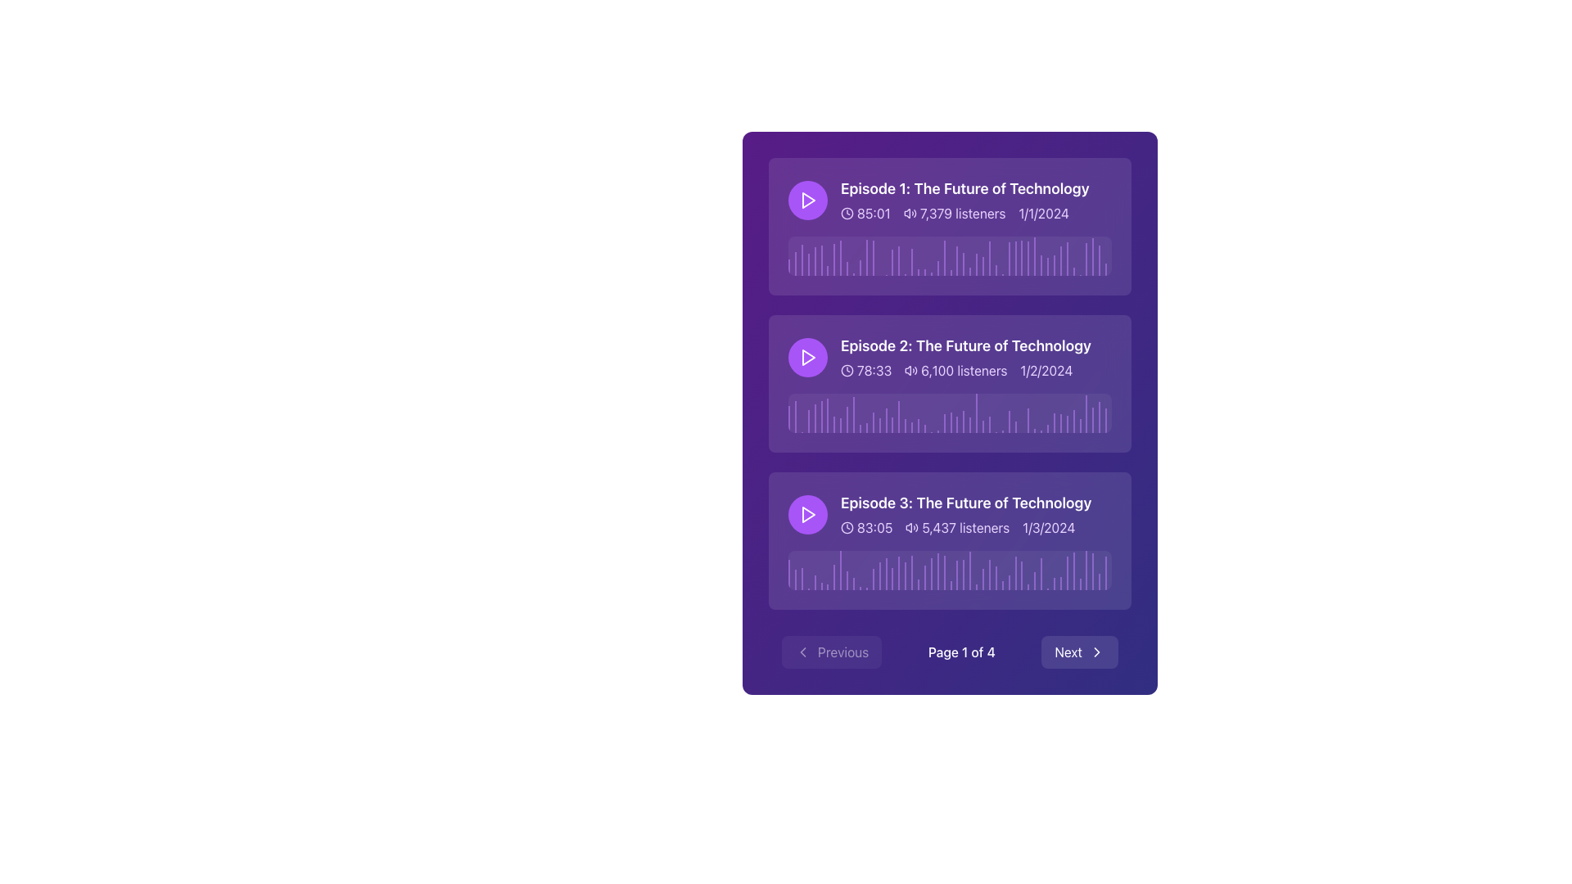 This screenshot has width=1572, height=884. I want to click on the non-interactive Text label that indicates the current page within a sequence, located at the bottom section of the interface, centrally aligned between the 'Previous' and 'Next' buttons, so click(961, 652).